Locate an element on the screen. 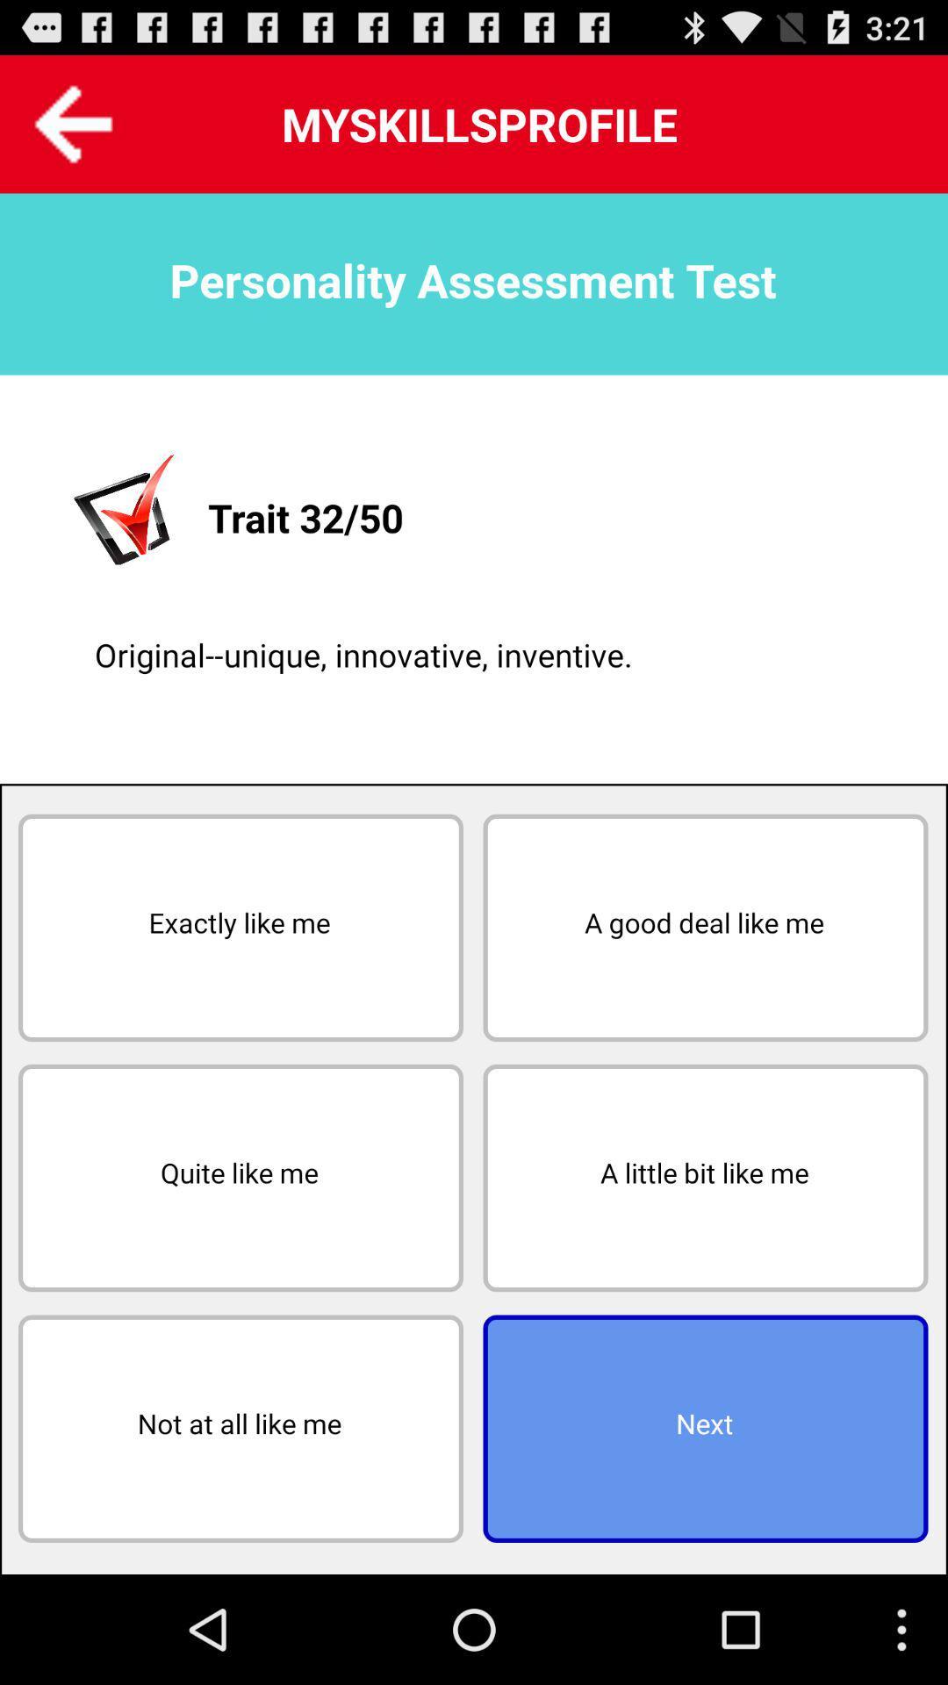 This screenshot has width=948, height=1685. the button above the a little bit button is located at coordinates (704, 927).